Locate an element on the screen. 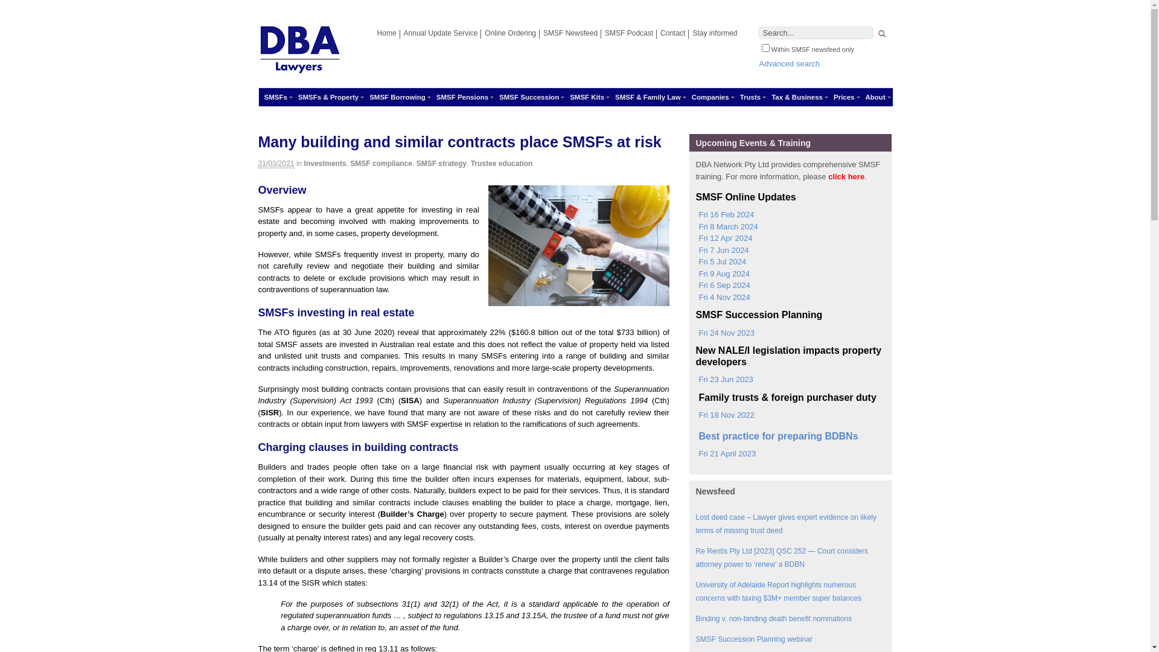 The image size is (1159, 652). 'Annual Update Service' is located at coordinates (400, 33).